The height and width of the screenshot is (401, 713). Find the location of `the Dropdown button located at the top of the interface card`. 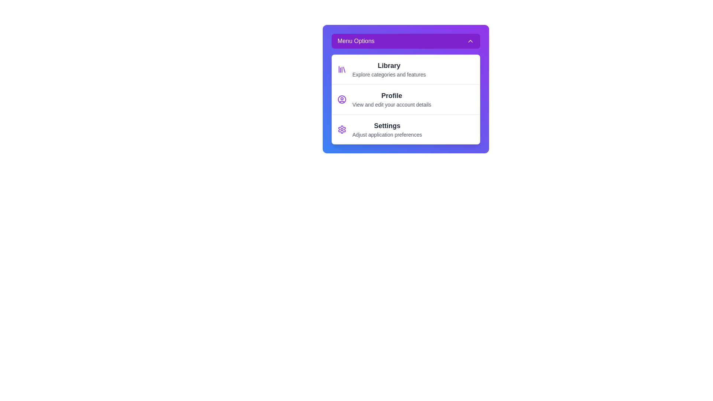

the Dropdown button located at the top of the interface card is located at coordinates (406, 41).